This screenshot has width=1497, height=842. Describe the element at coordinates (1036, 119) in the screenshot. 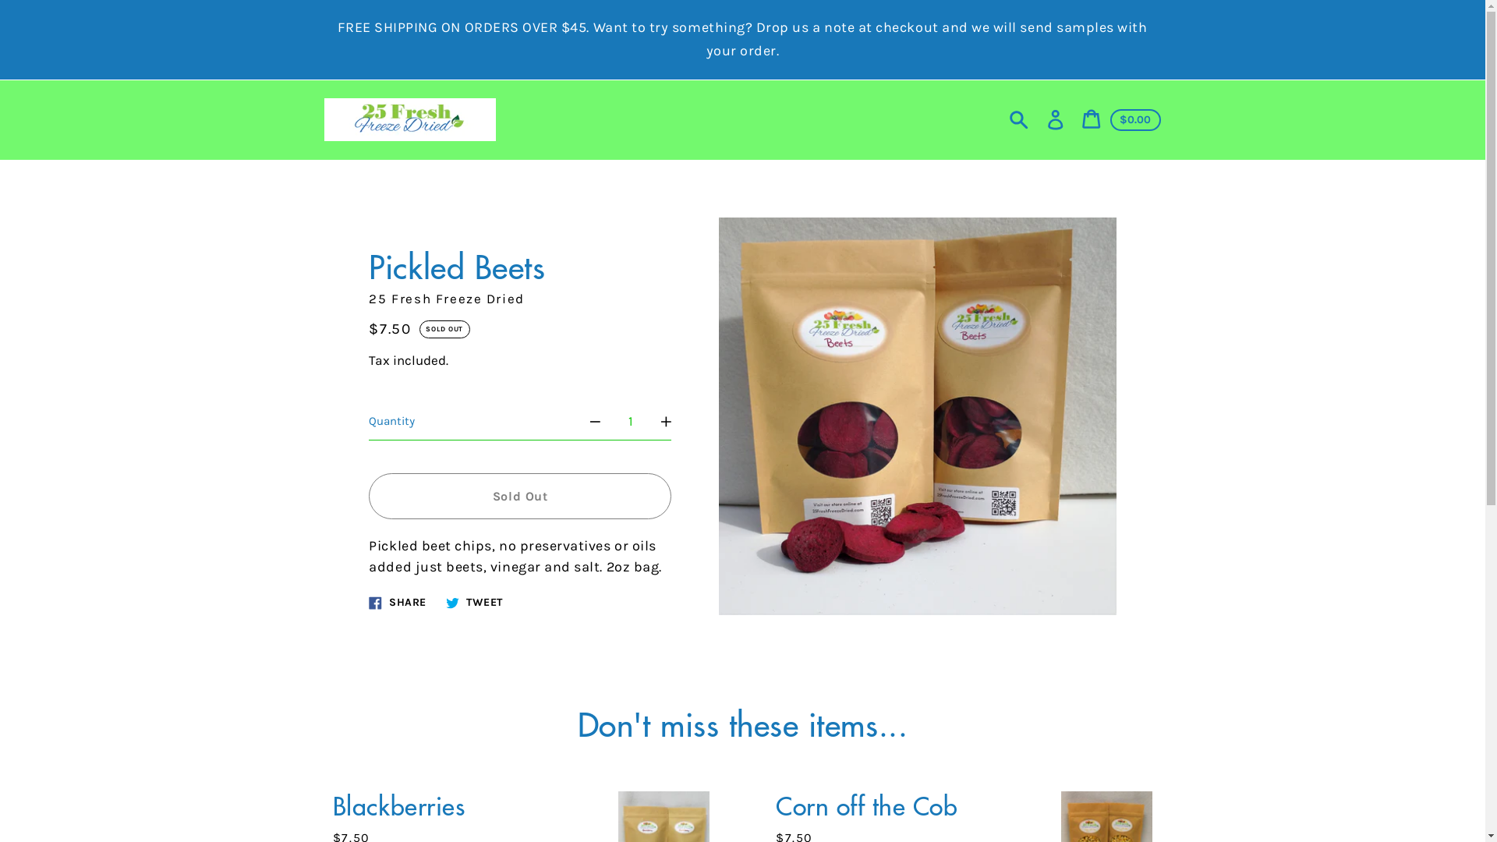

I see `'Log in'` at that location.